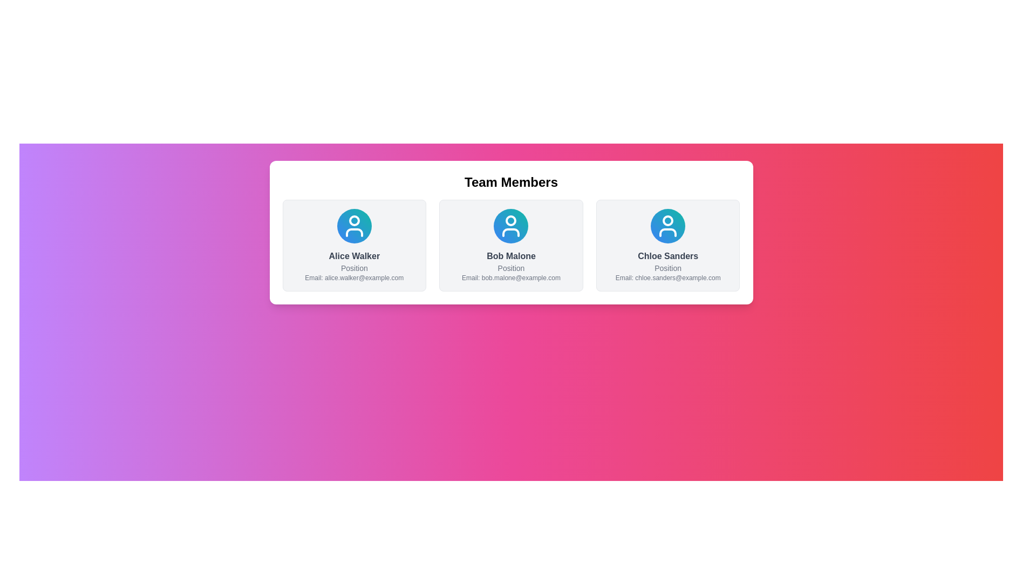 This screenshot has height=583, width=1036. Describe the element at coordinates (510, 220) in the screenshot. I see `the graphical icon component (circle) that represents the user profile icon, located at the top-center of the user profile layout for team members` at that location.